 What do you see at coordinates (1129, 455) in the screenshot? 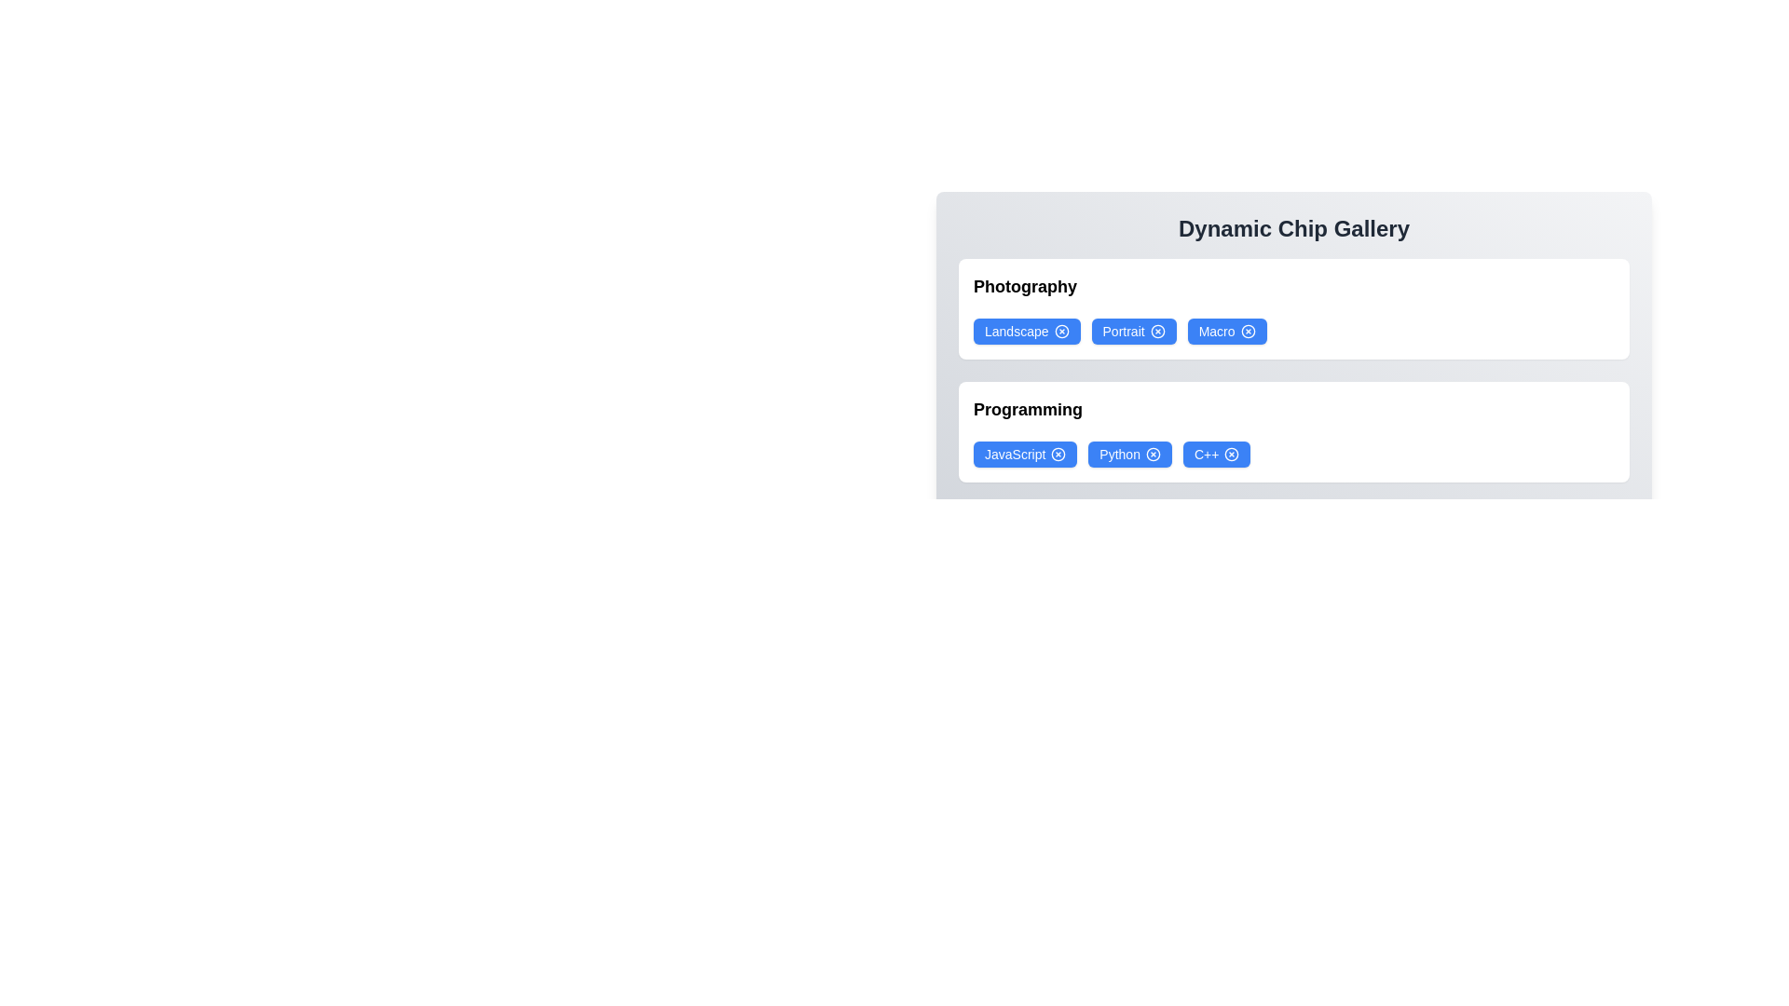
I see `the chip labeled Python to select it` at bounding box center [1129, 455].